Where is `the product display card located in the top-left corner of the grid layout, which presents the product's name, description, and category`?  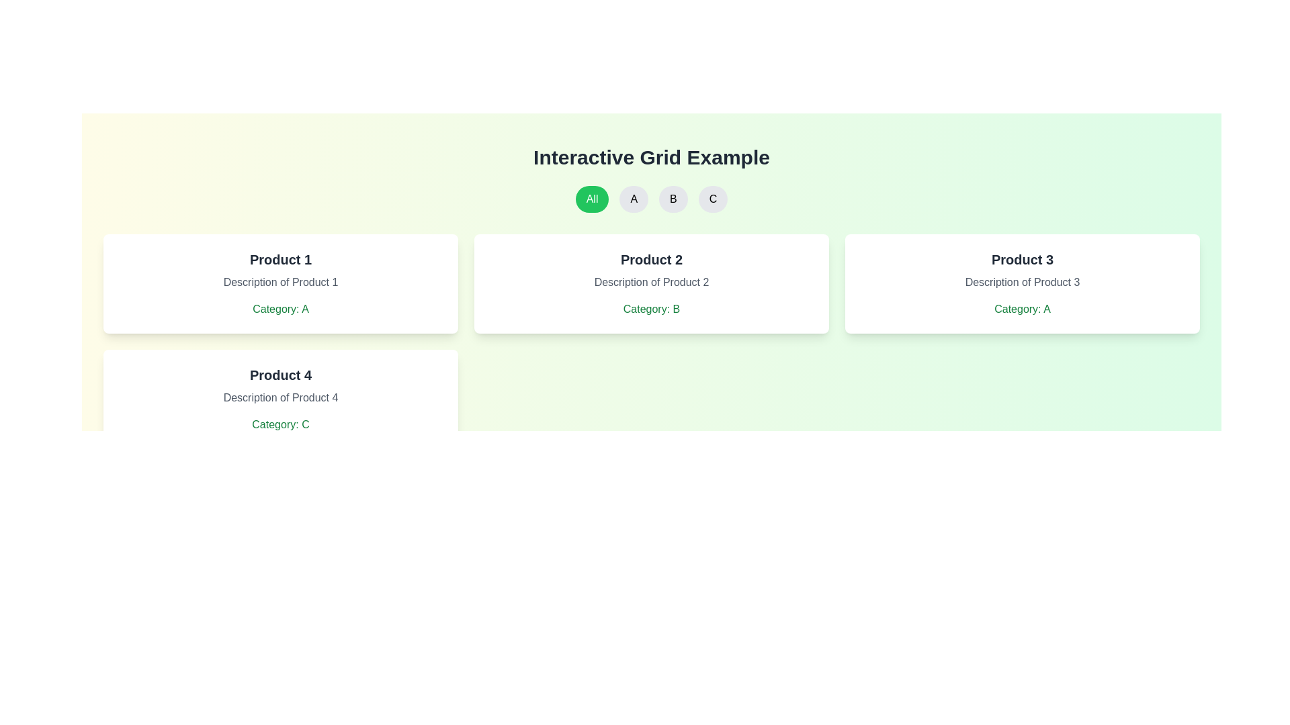
the product display card located in the top-left corner of the grid layout, which presents the product's name, description, and category is located at coordinates (279, 283).